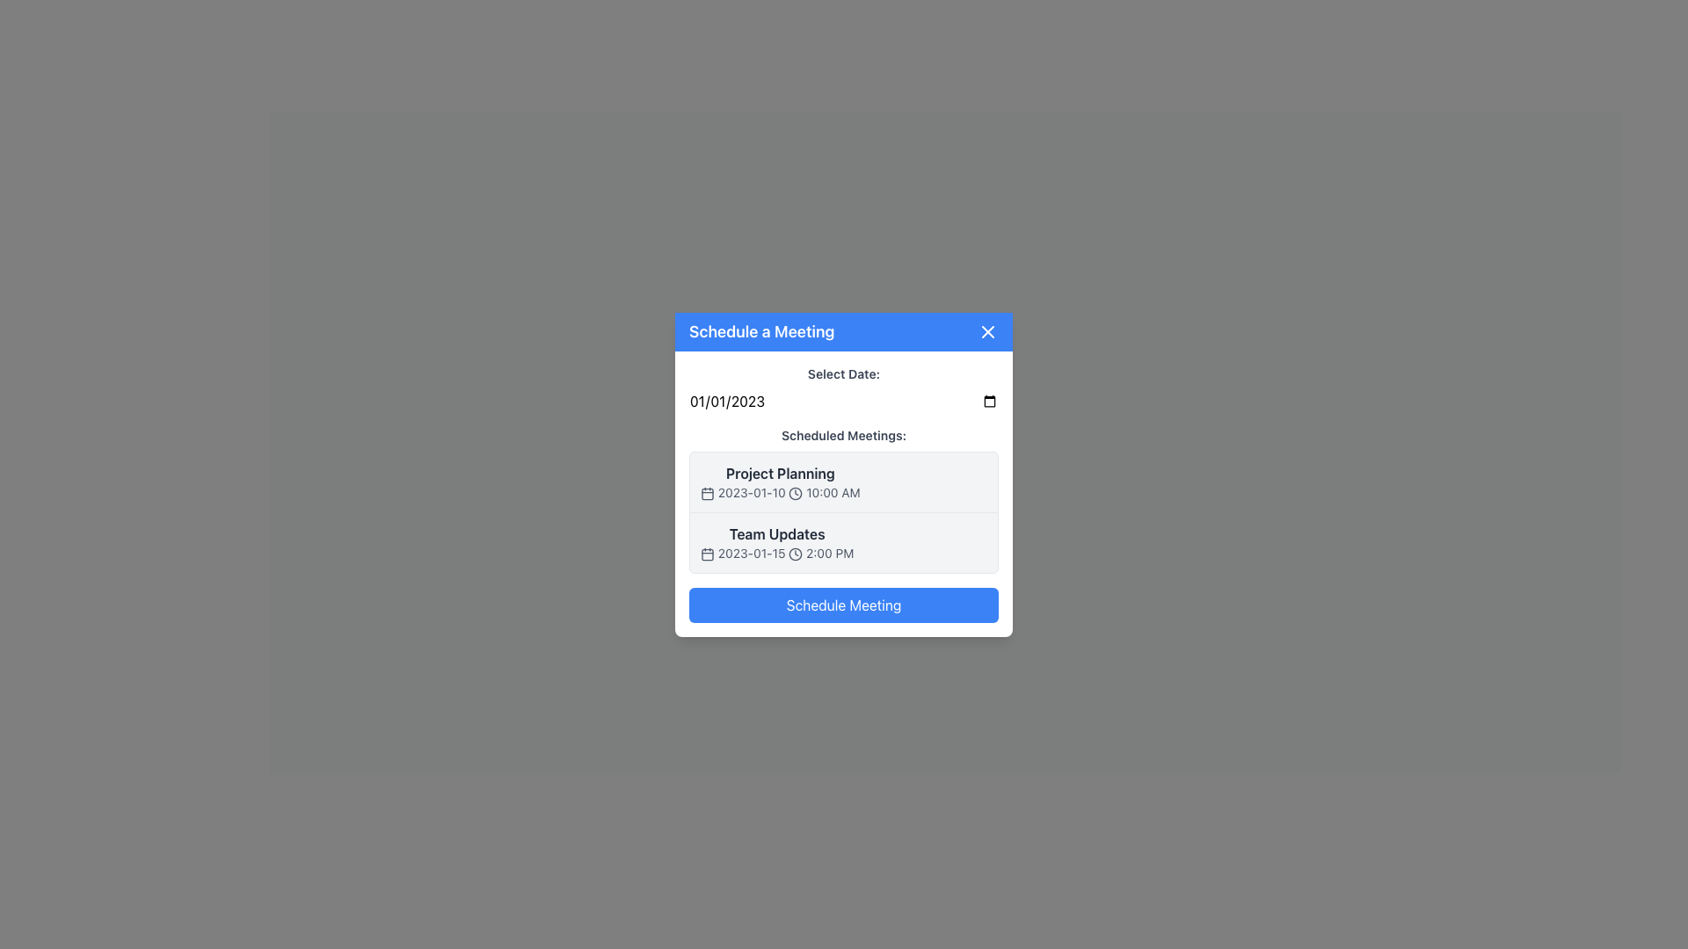  Describe the element at coordinates (795, 554) in the screenshot. I see `the clock icon component, which is part of the 'Team Updates' entry in the 'Scheduled Meetings' list, positioned near '2:00 PM'` at that location.